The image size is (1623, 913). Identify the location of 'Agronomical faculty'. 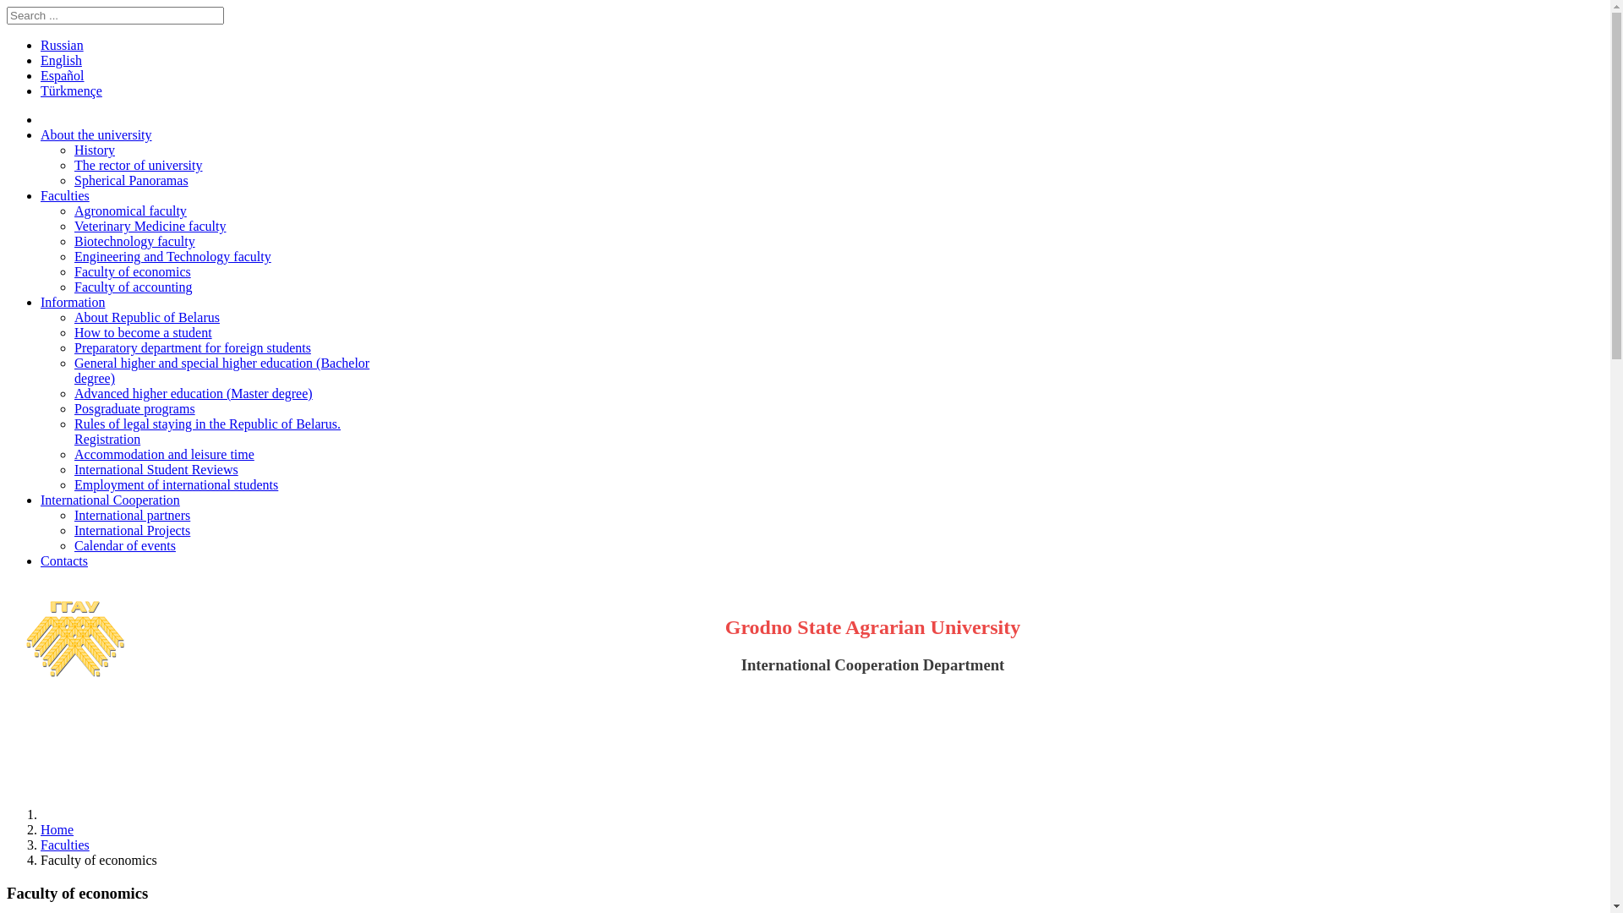
(129, 210).